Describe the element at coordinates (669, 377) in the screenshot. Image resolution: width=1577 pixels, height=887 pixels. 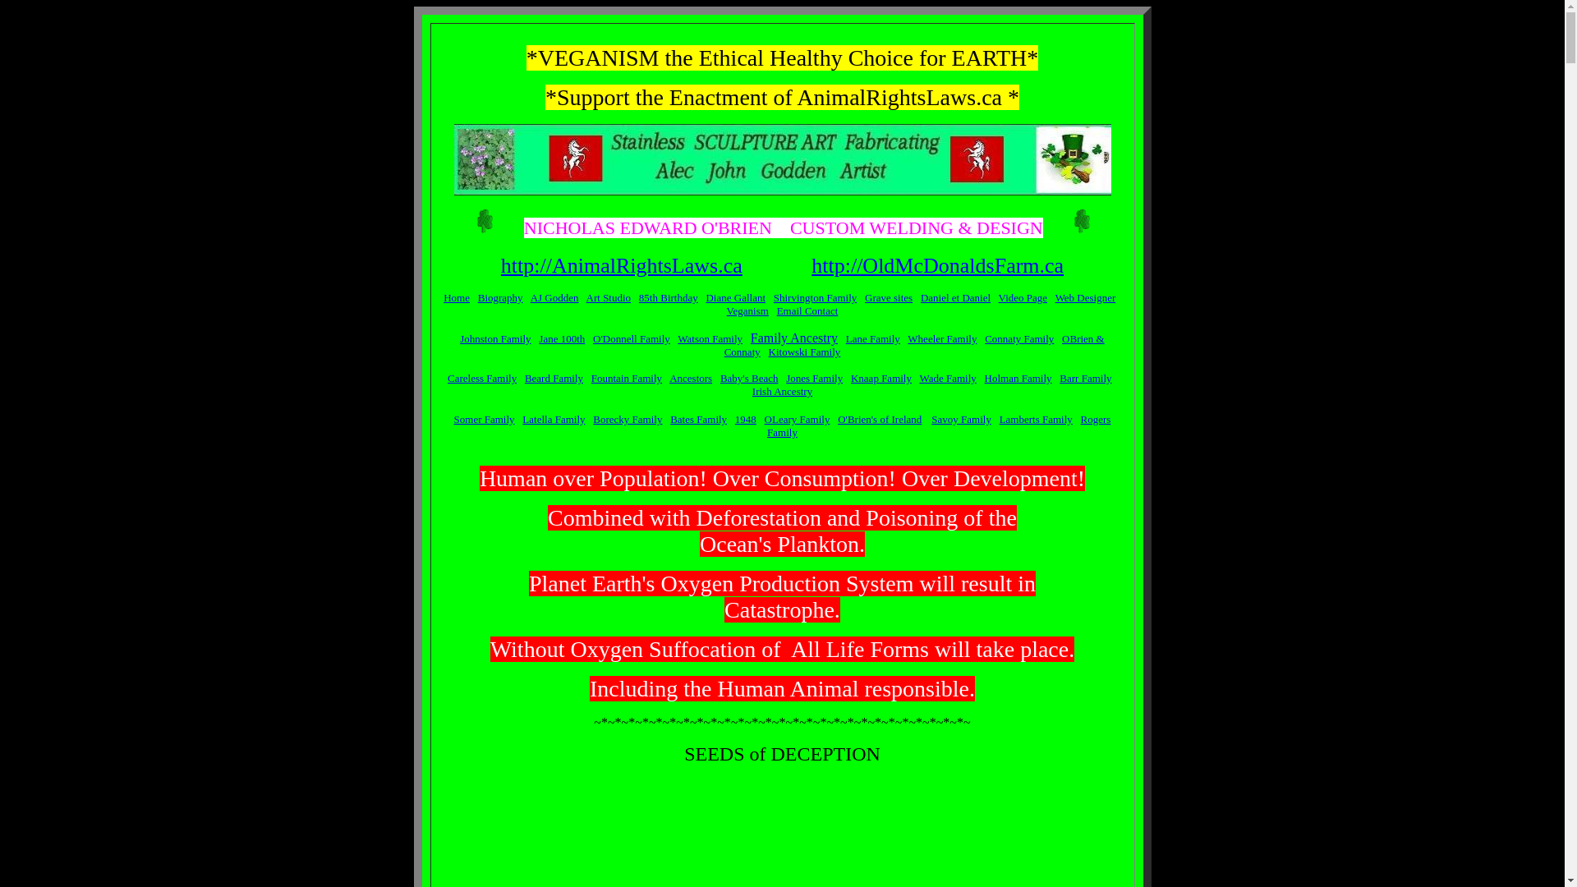
I see `'Ancestors'` at that location.